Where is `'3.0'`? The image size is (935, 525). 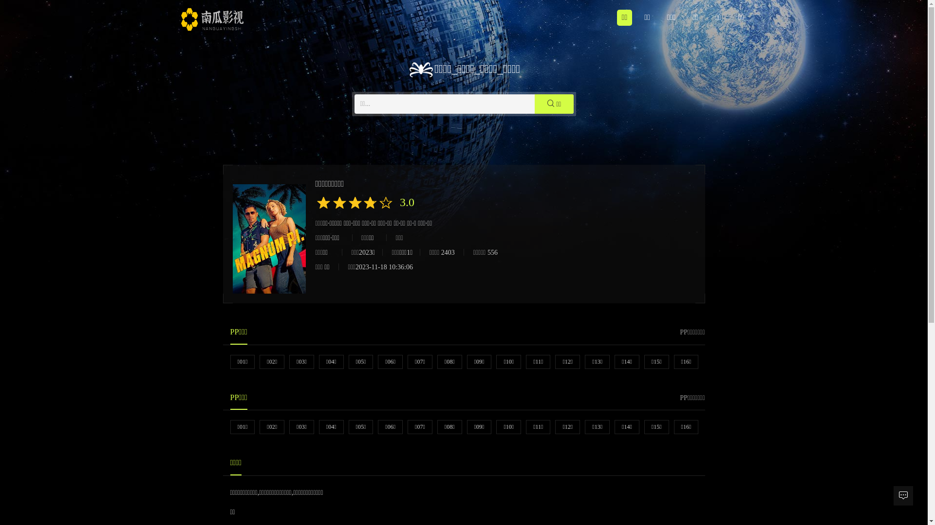
'3.0' is located at coordinates (404, 203).